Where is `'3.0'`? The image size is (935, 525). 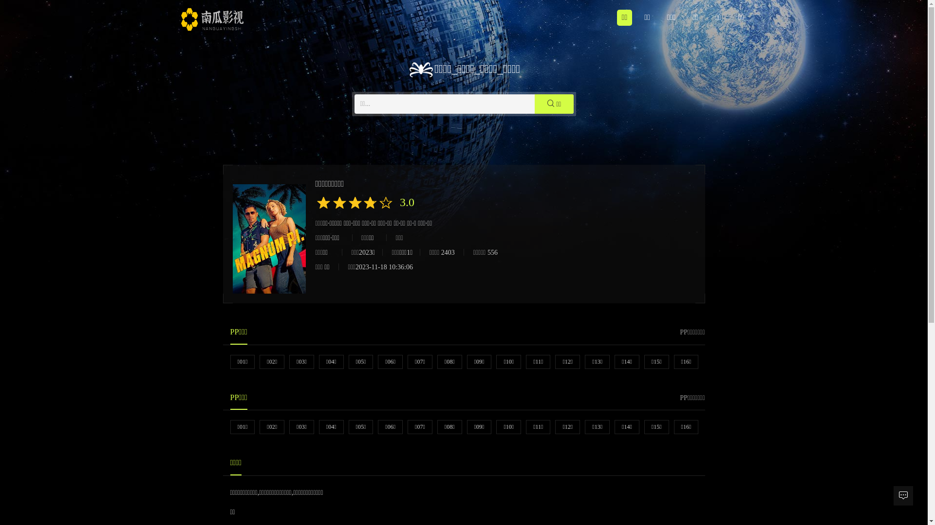
'3.0' is located at coordinates (404, 203).